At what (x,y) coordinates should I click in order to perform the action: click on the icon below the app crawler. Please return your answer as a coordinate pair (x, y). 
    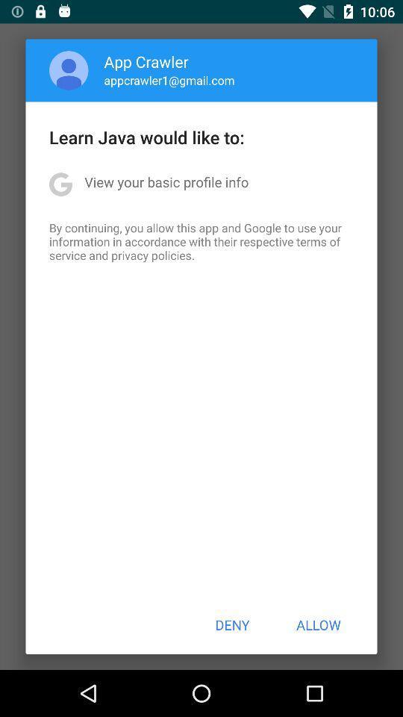
    Looking at the image, I should click on (169, 80).